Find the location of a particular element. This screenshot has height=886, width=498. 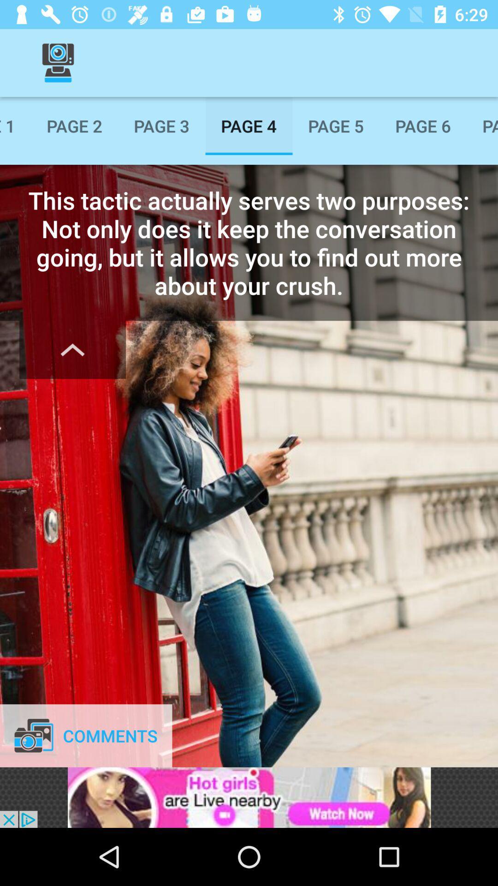

advertisement is located at coordinates (249, 797).